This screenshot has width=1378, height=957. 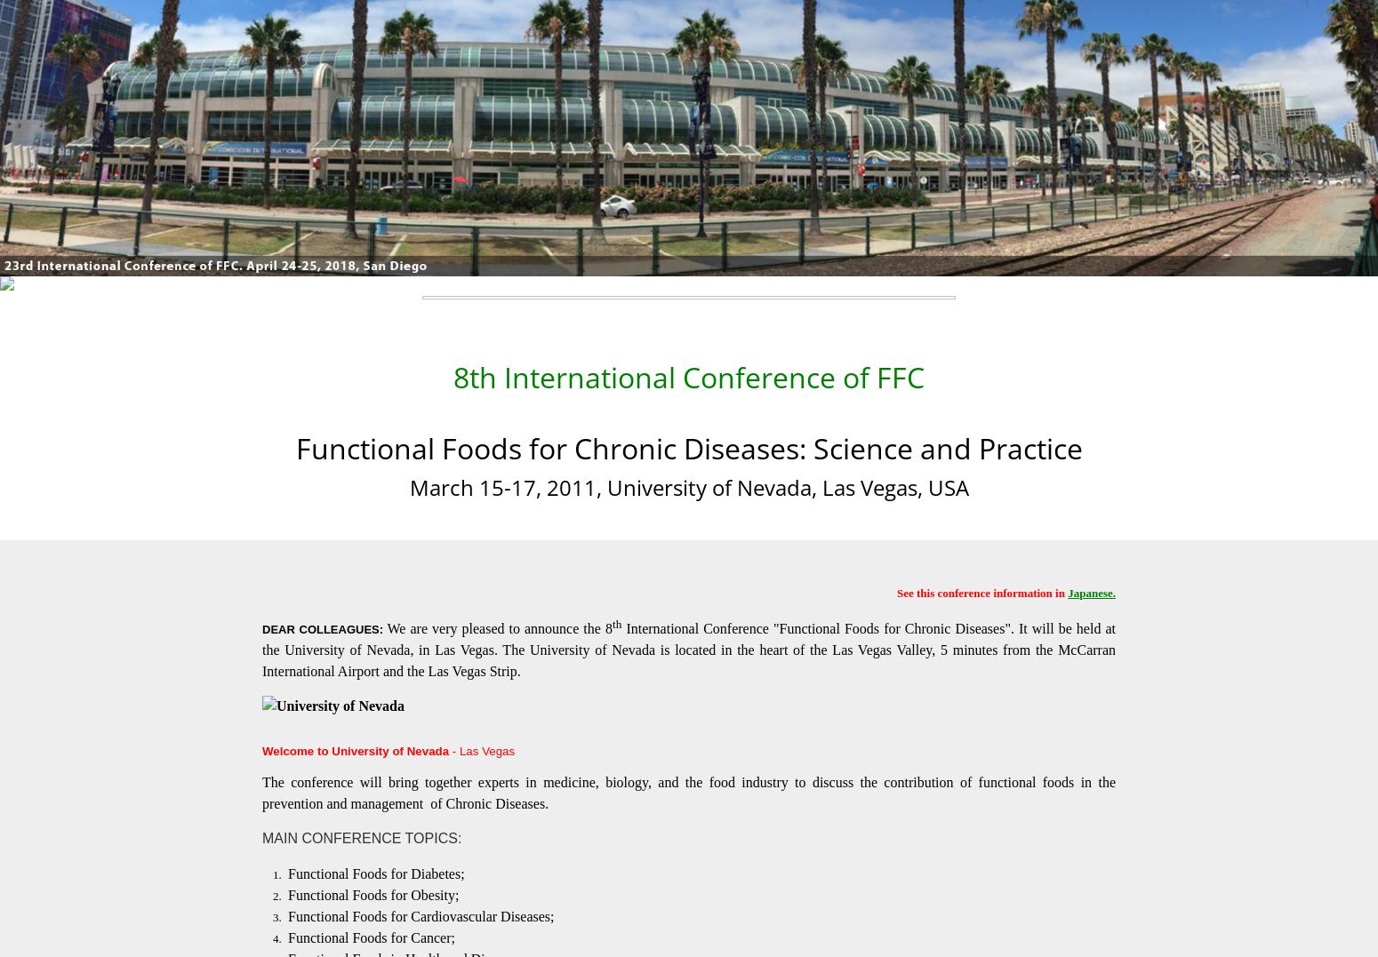 What do you see at coordinates (362, 836) in the screenshot?
I see `'MAIN CONFERENCE TOPICS:'` at bounding box center [362, 836].